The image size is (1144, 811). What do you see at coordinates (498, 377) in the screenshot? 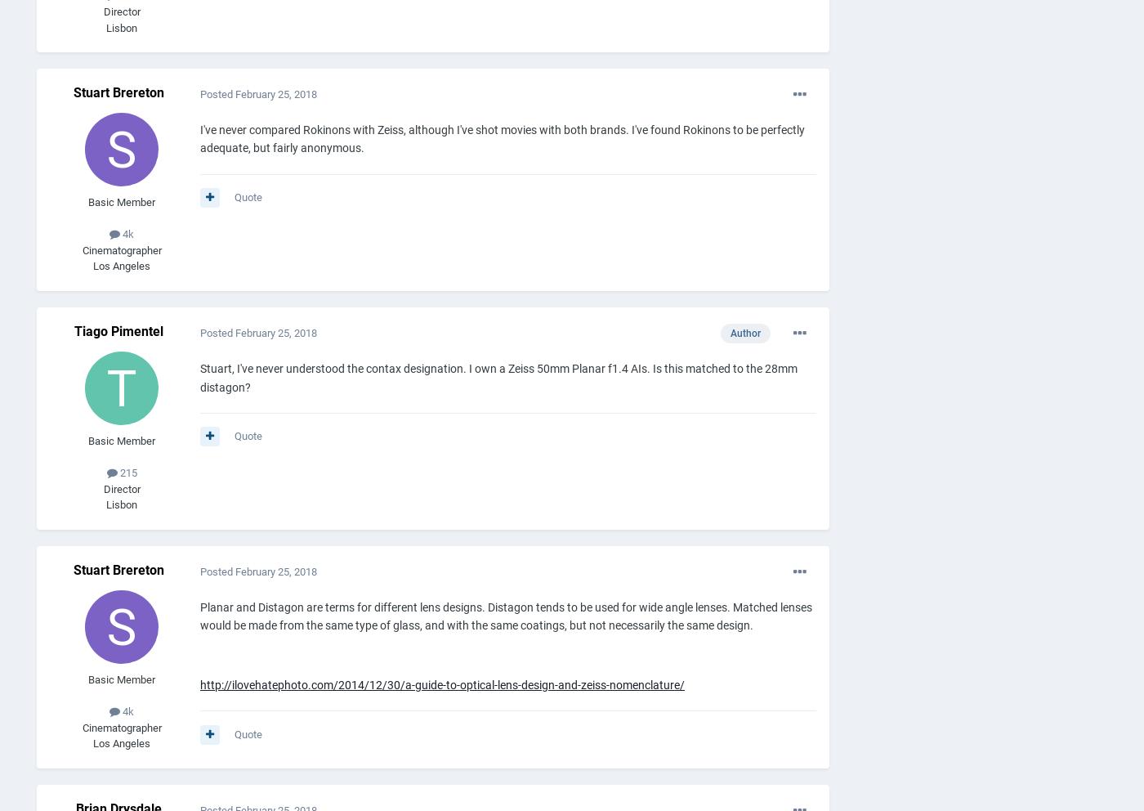
I see `'Stuart, I've never understood the contax designation. I own a Zeiss 50mm Planar f1.4 AIs. Is this matched to the 28mm distagon?'` at bounding box center [498, 377].